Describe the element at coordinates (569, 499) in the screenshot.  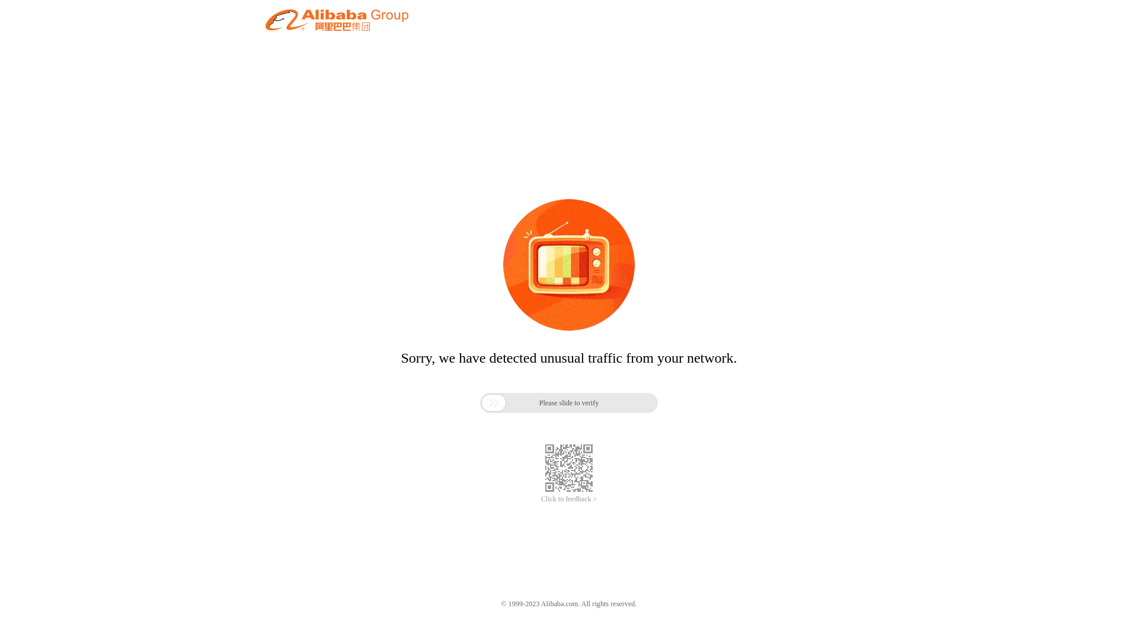
I see `'Click to feedback >'` at that location.